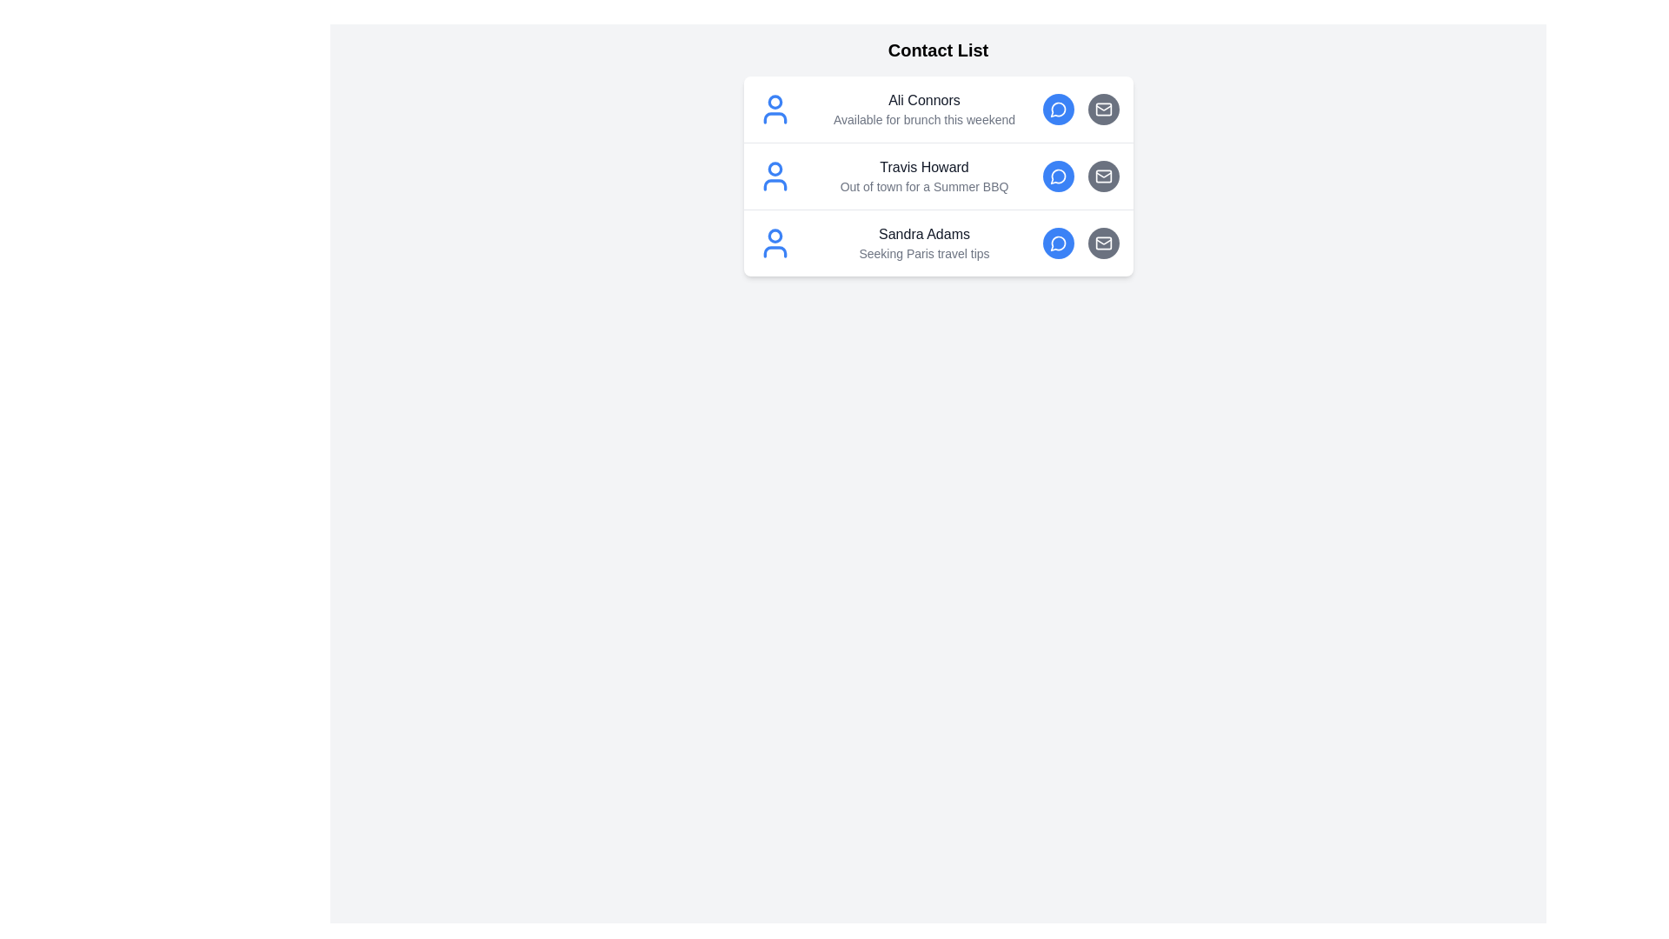 The image size is (1669, 939). I want to click on the actionable contact mail button located at the far right of the third row in the contact list to interact with it, so click(1102, 243).